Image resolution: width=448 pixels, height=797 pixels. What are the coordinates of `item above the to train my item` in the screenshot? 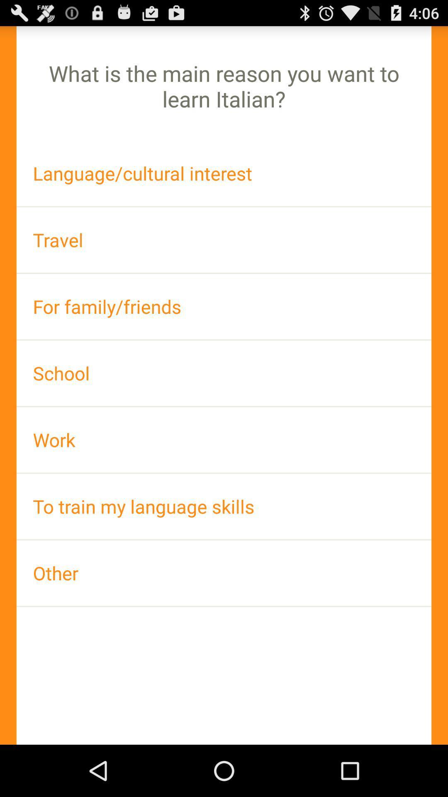 It's located at (224, 439).